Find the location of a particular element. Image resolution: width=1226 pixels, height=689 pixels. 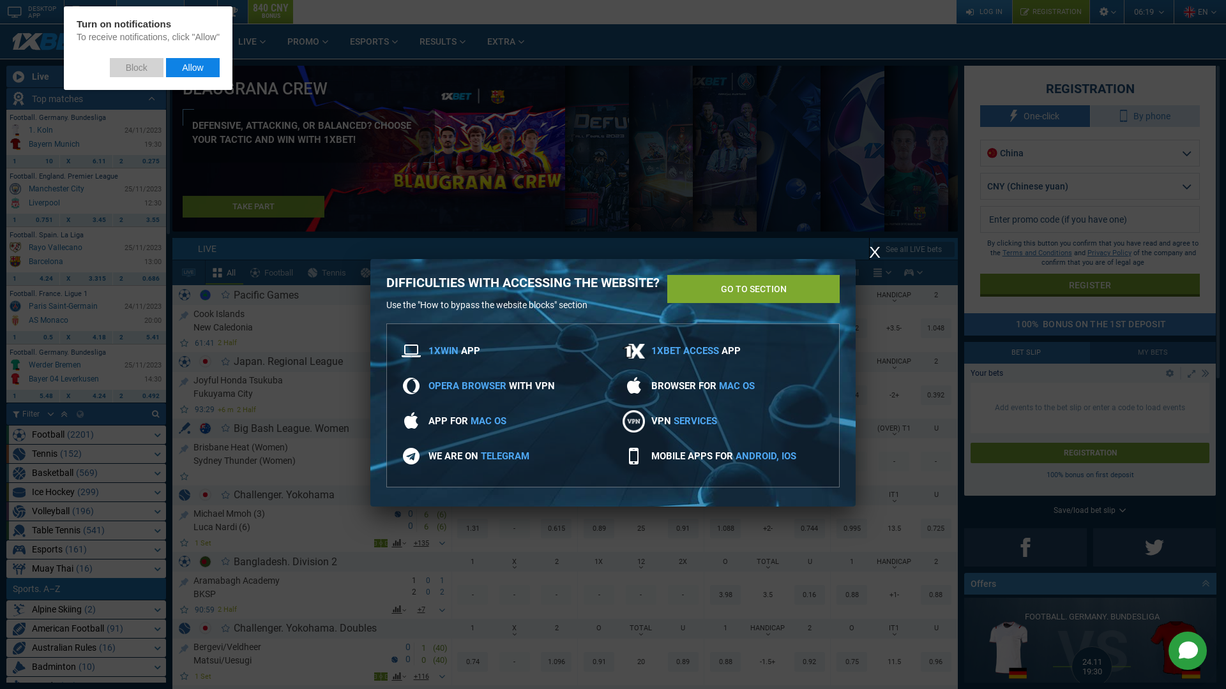

'+7' is located at coordinates (421, 609).